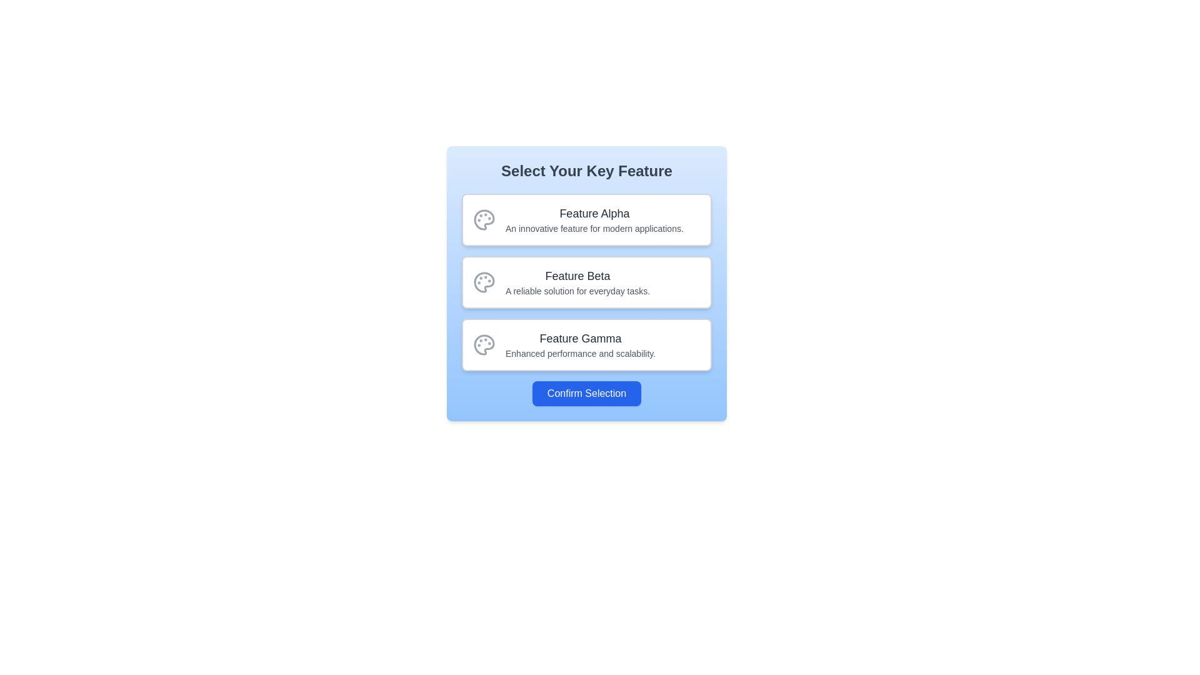 This screenshot has height=675, width=1200. I want to click on the selection card for 'Feature Alpha' which is the first item in the list under 'Select Your Key Feature.', so click(586, 219).